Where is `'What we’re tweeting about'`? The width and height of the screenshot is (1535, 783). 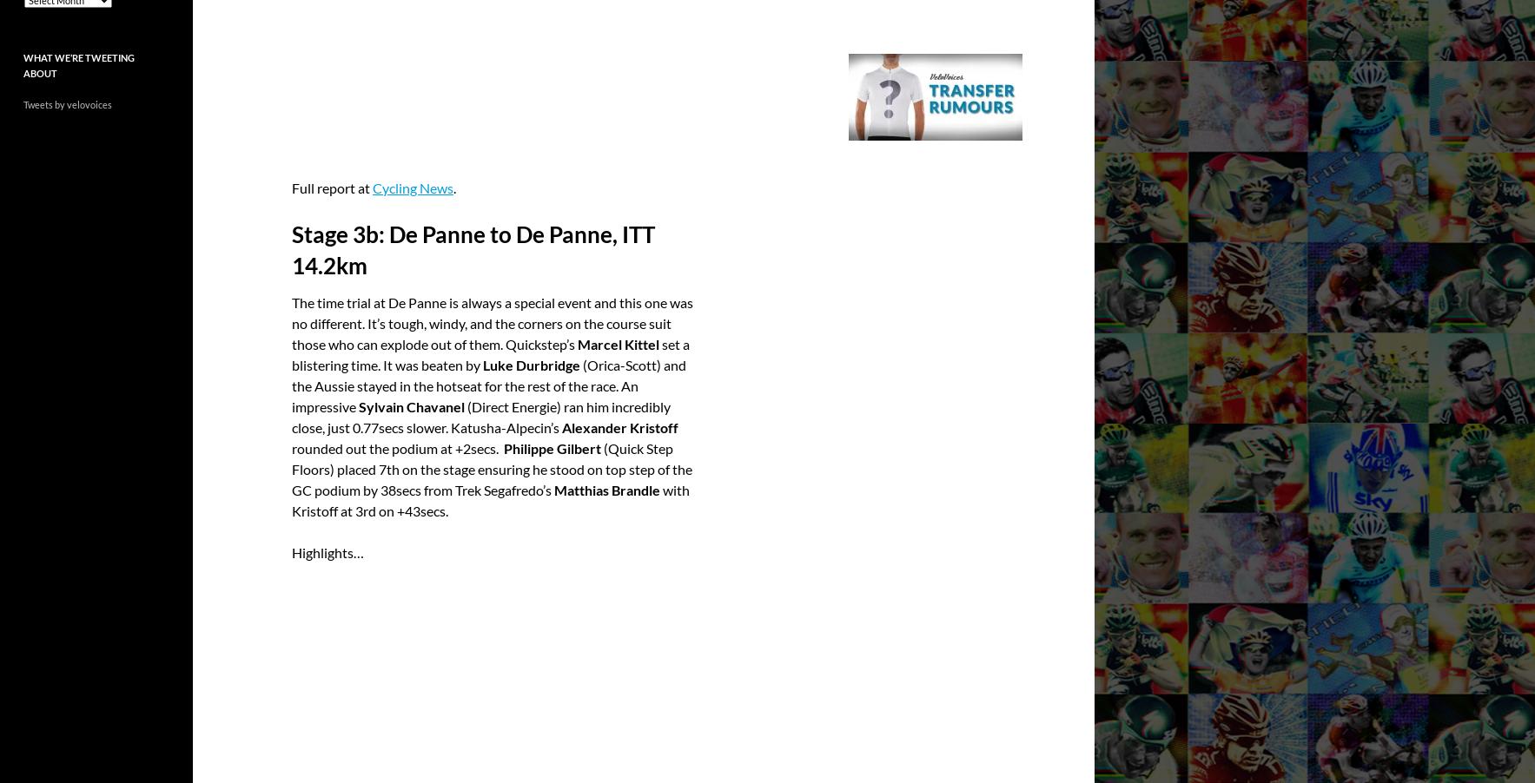 'What we’re tweeting about' is located at coordinates (23, 63).